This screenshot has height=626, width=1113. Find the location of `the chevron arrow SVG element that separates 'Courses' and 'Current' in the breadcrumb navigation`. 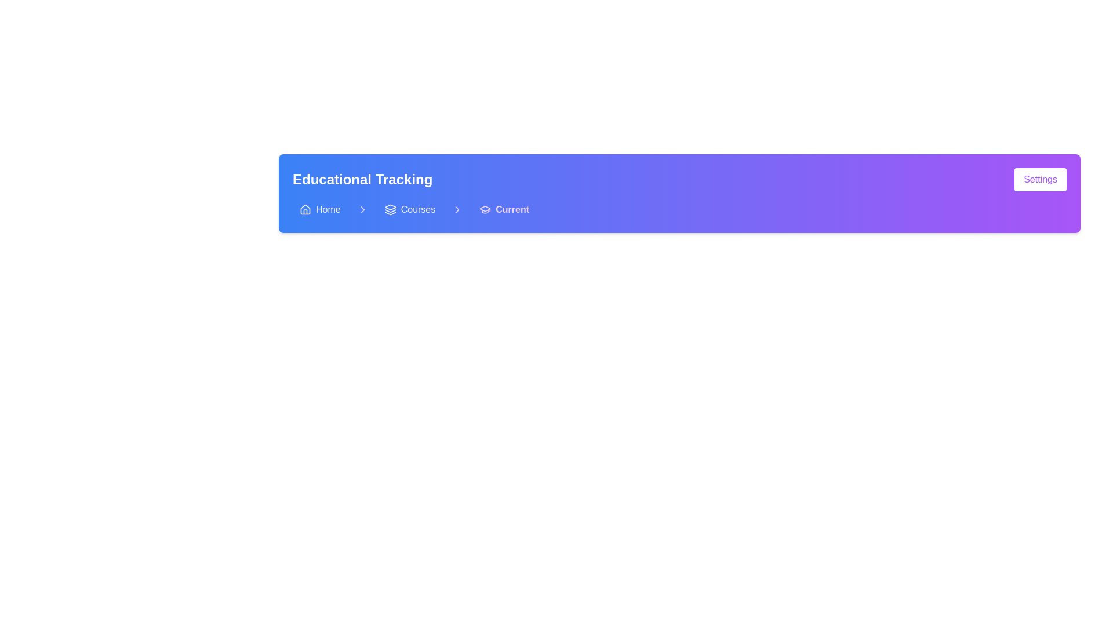

the chevron arrow SVG element that separates 'Courses' and 'Current' in the breadcrumb navigation is located at coordinates (457, 210).